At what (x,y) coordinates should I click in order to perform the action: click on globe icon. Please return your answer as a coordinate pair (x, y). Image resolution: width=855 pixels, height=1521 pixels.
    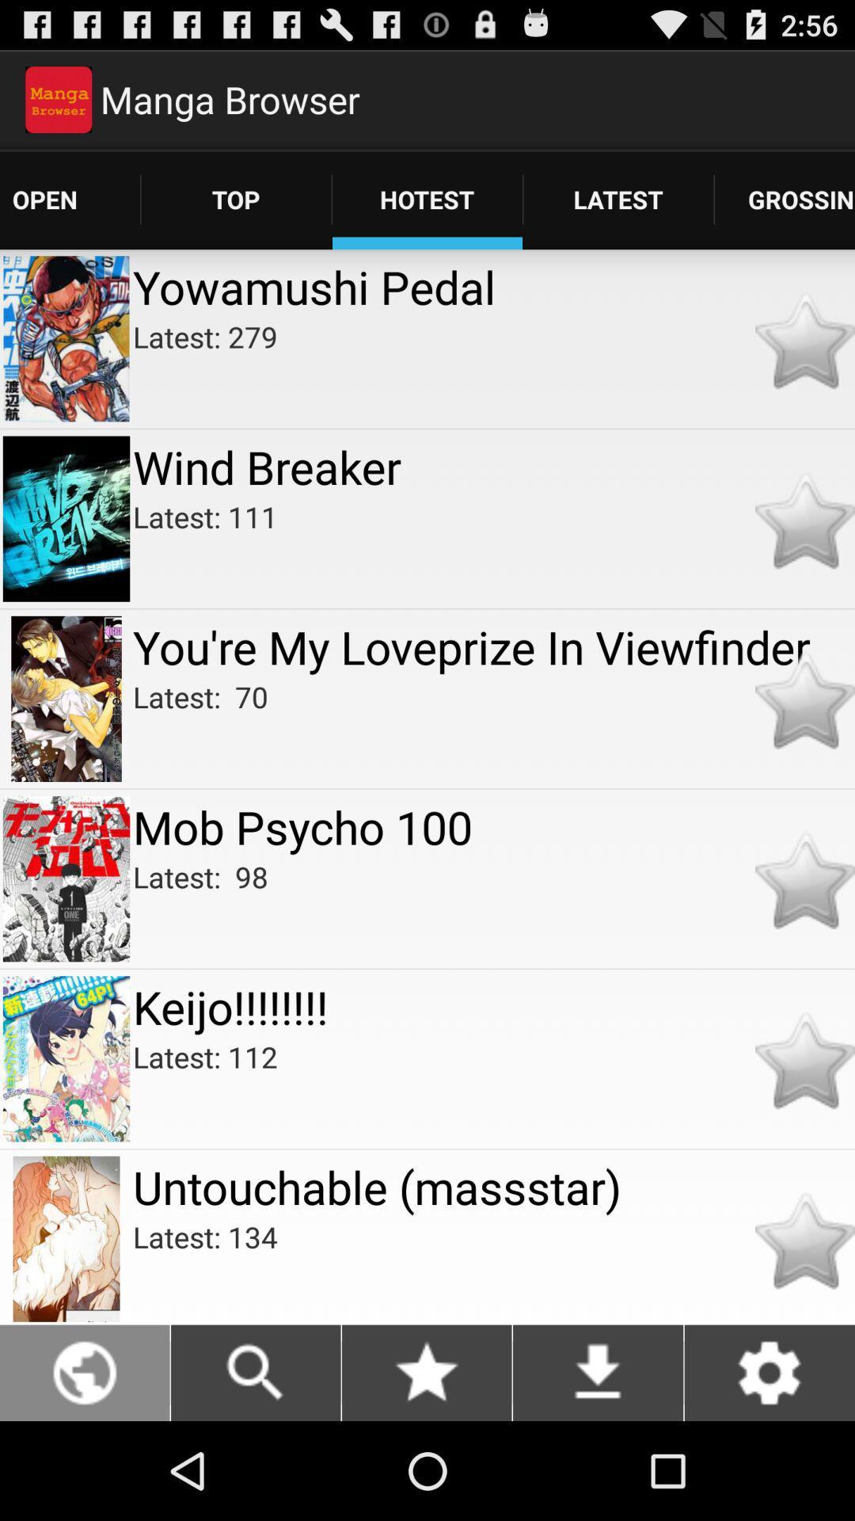
    Looking at the image, I should click on (85, 1372).